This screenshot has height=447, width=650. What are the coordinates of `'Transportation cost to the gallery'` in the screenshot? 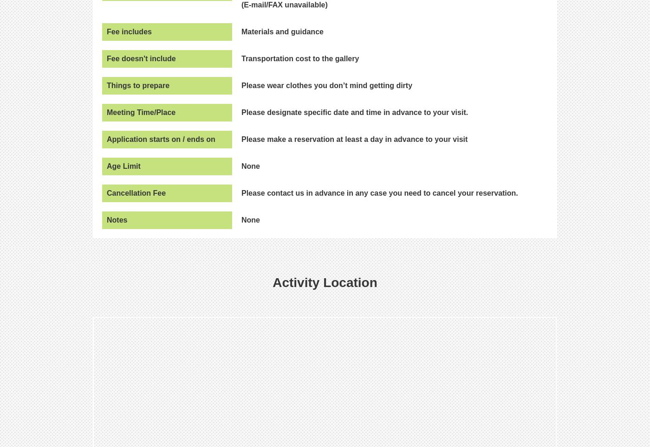 It's located at (241, 58).